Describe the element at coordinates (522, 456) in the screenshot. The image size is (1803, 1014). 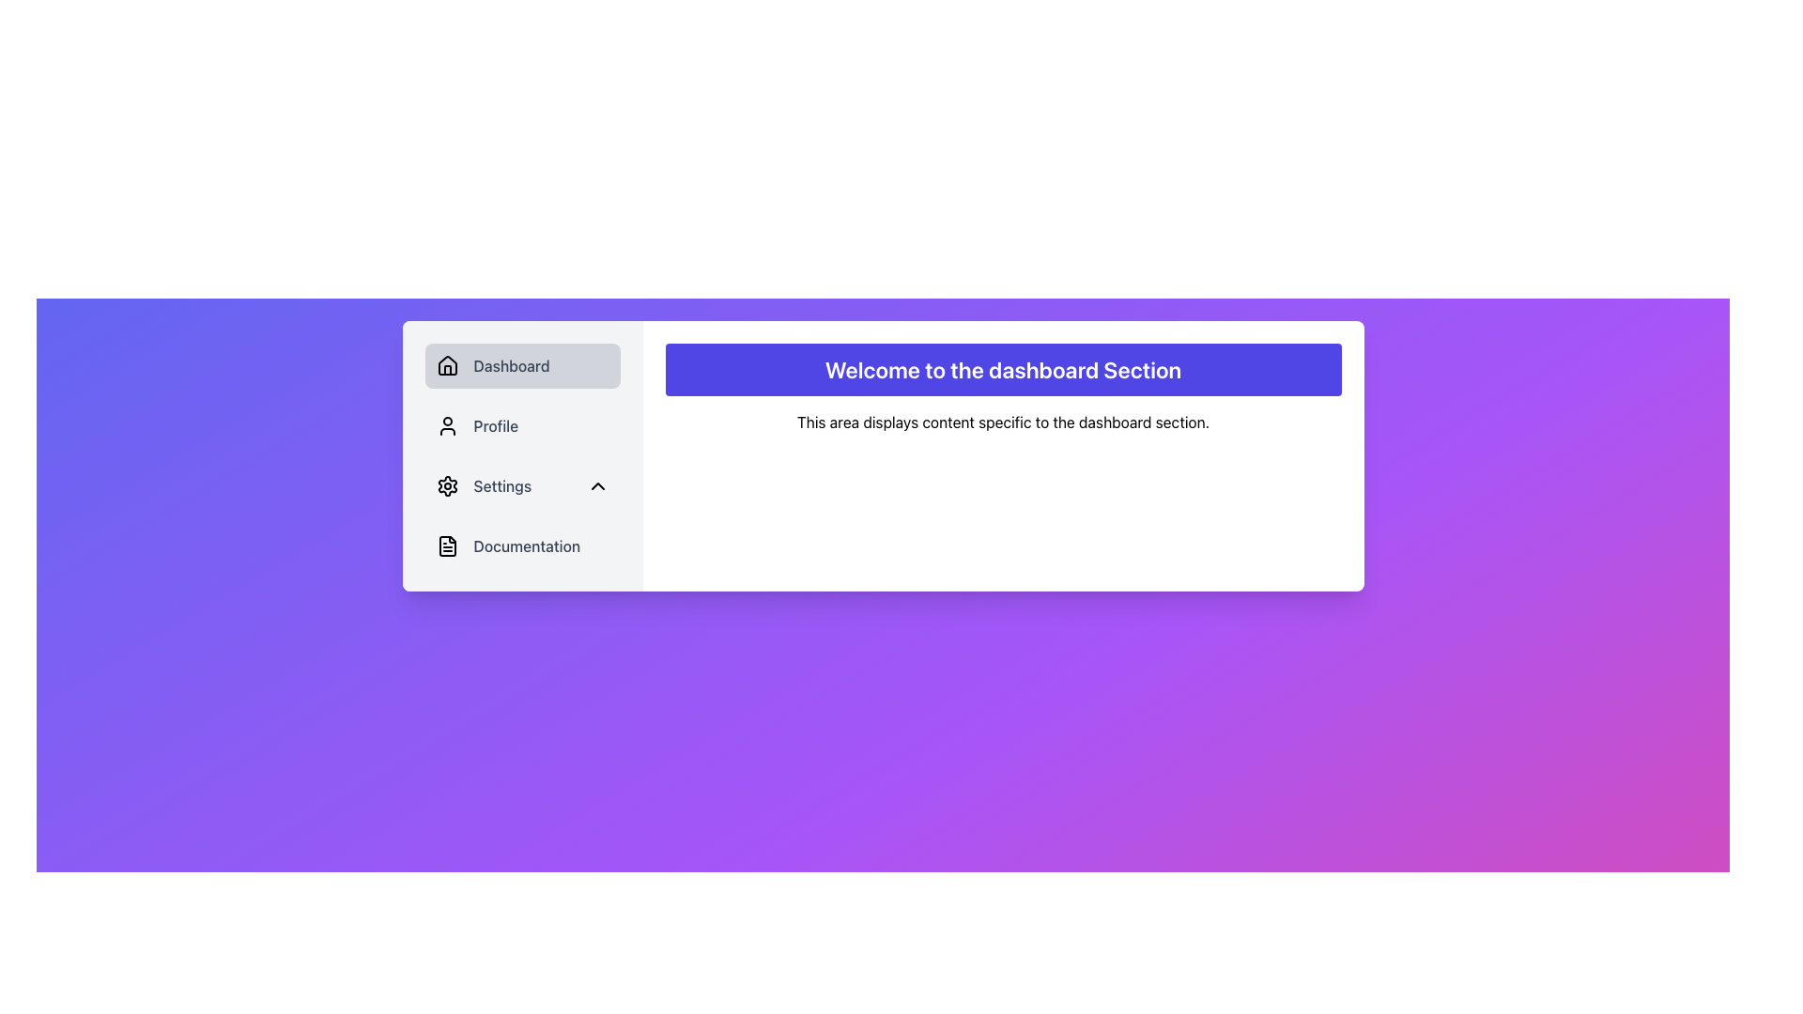
I see `the 'Profile' navigation item in the sidebar menu` at that location.